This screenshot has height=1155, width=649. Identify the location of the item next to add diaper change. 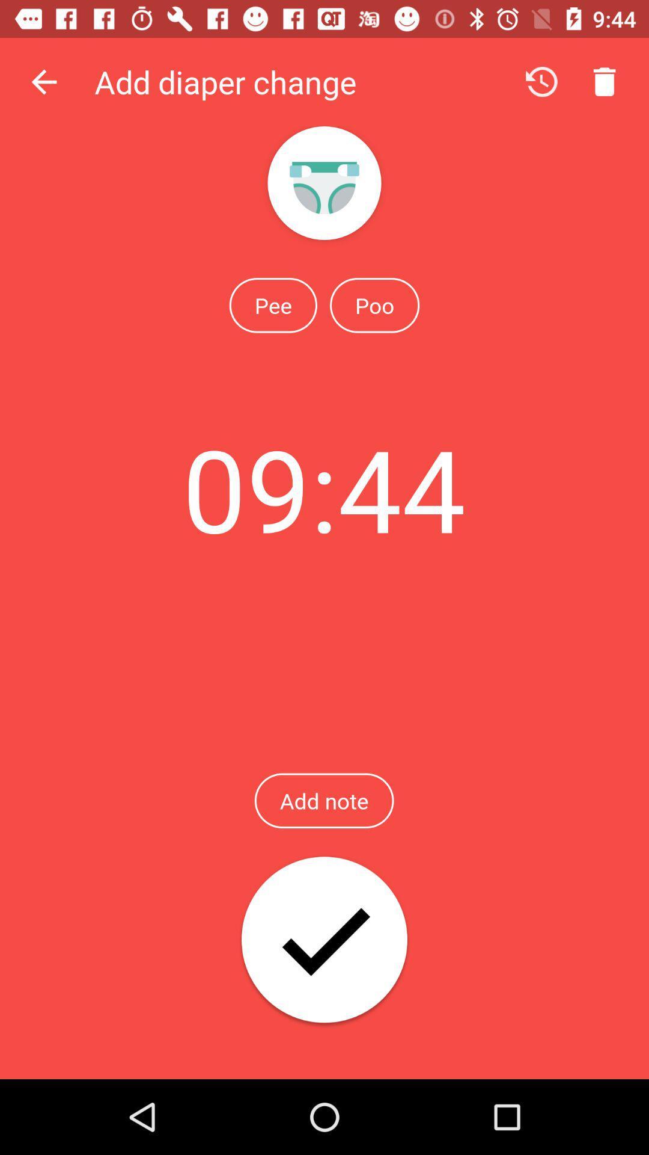
(43, 81).